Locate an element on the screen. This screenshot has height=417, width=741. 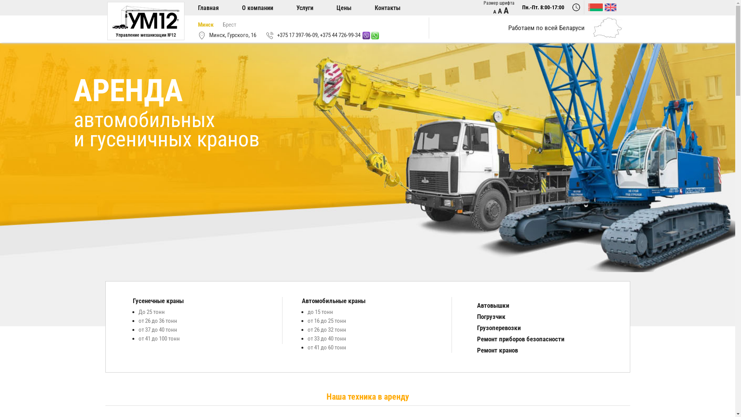
'A' is located at coordinates (494, 12).